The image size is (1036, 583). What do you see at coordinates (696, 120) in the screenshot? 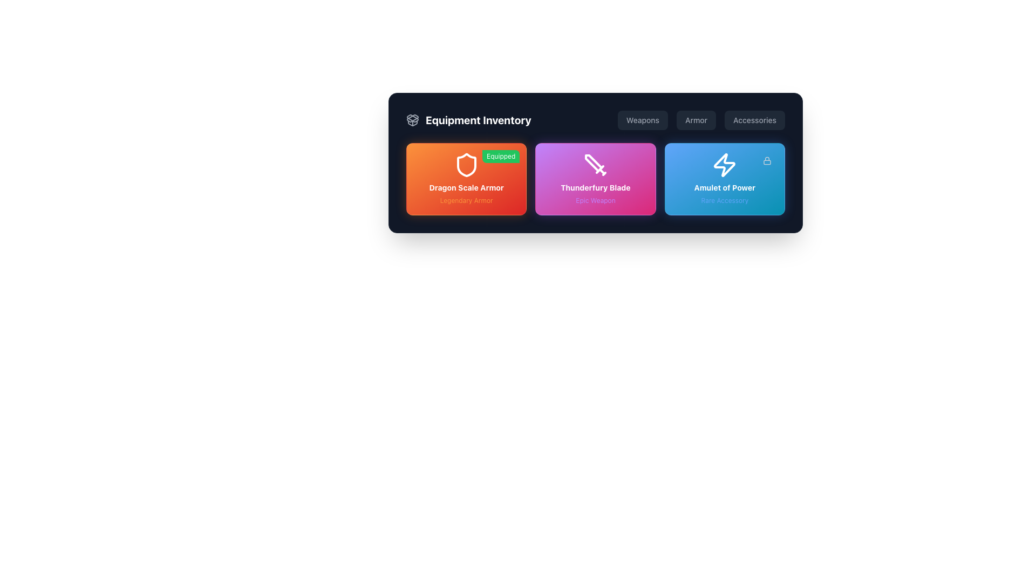
I see `the 'Armor' button, which is the second button in the Equipment Inventory` at bounding box center [696, 120].